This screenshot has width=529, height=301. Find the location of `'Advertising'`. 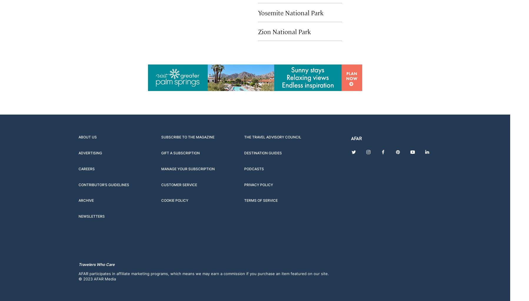

'Advertising' is located at coordinates (79, 153).